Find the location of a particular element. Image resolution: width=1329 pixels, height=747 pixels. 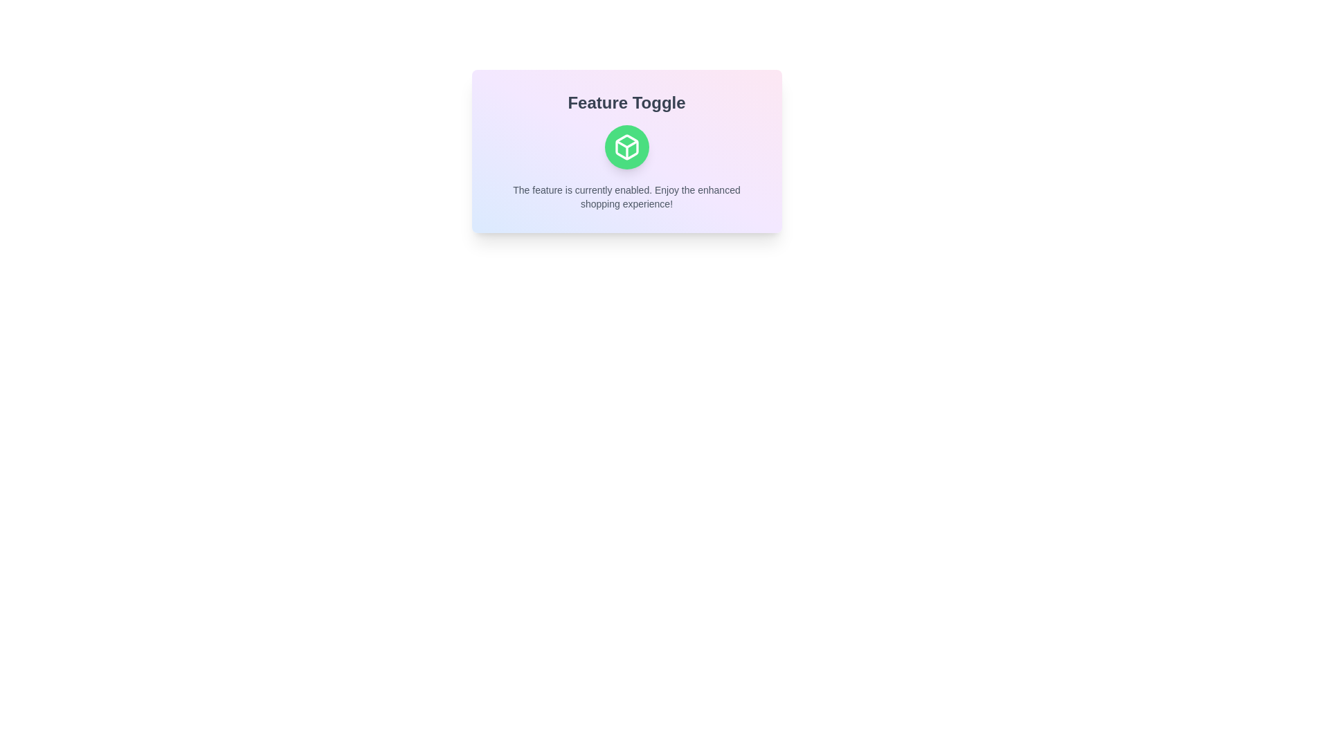

the interactive button located below the 'Feature Toggle' heading and above the paragraph indicating the feature is enabled is located at coordinates (626, 147).